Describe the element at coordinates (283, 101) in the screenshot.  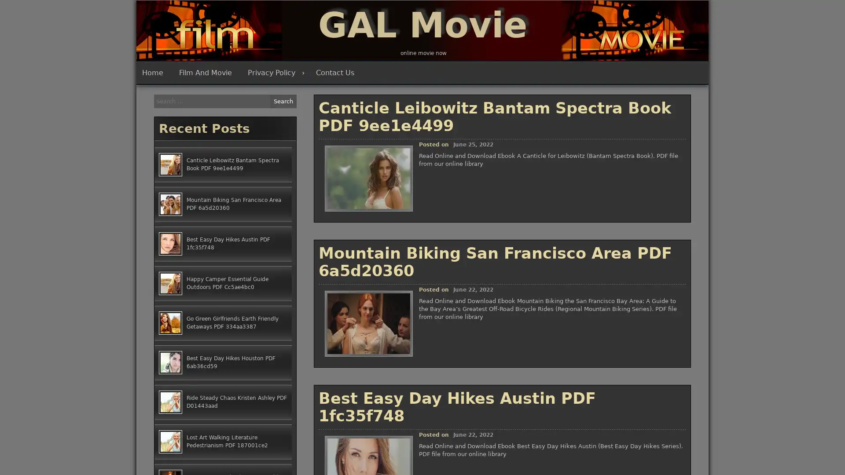
I see `Search` at that location.